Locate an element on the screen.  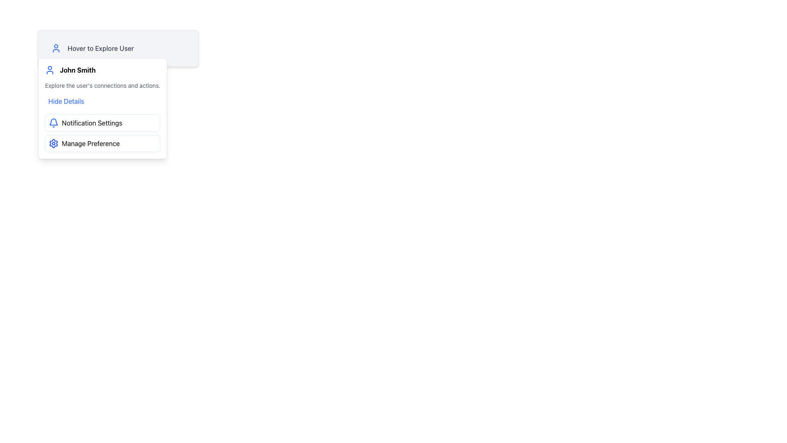
the text label indicating notification settings, which is the second item in the dropdown menu, positioned below 'John Smith' and above 'Manage Preference' is located at coordinates (92, 123).